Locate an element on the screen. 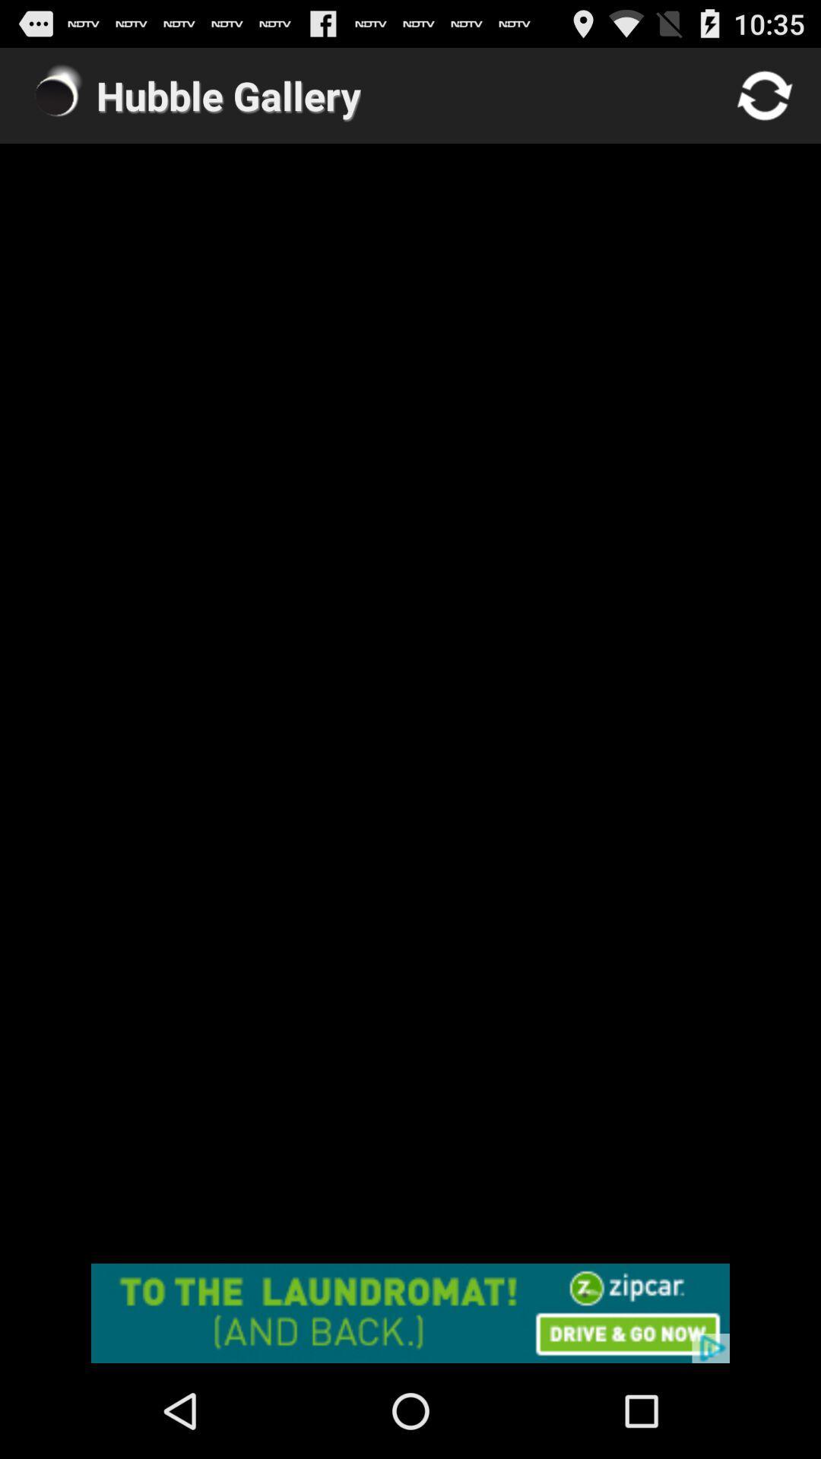 The width and height of the screenshot is (821, 1459). refresh is located at coordinates (765, 94).